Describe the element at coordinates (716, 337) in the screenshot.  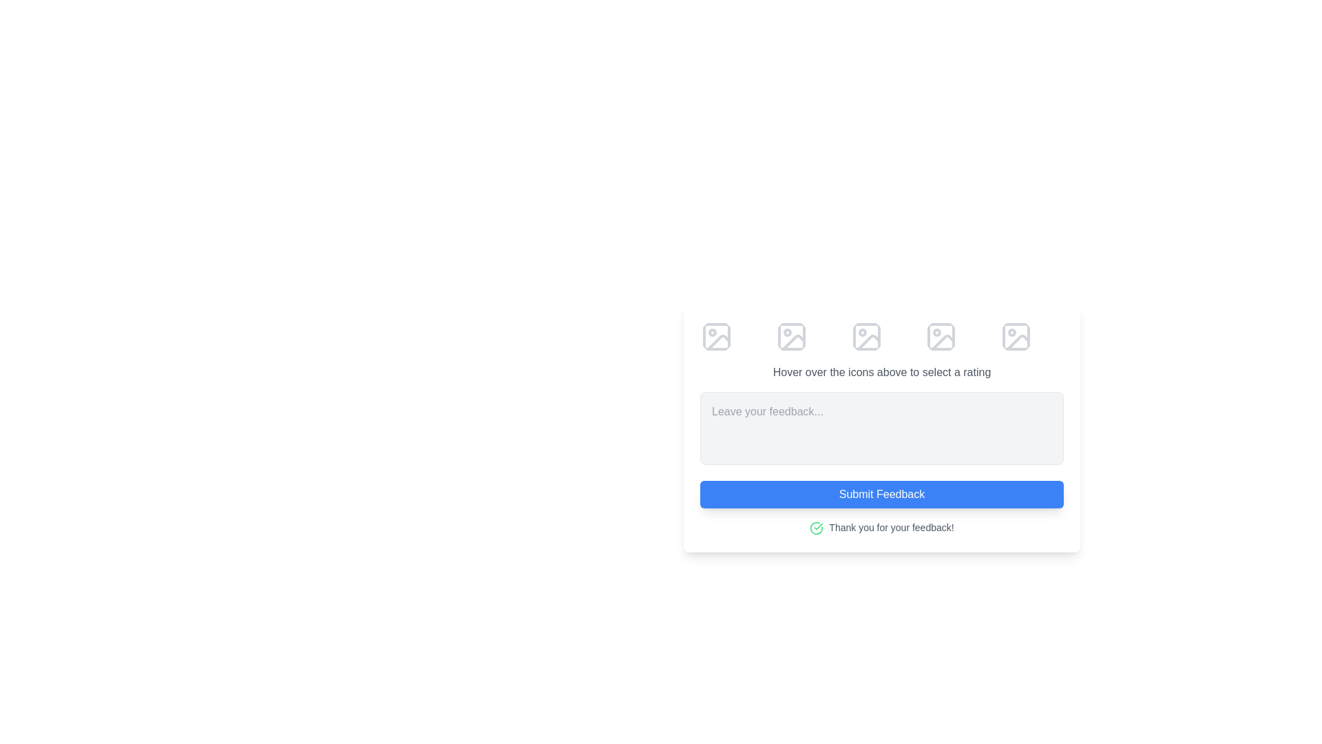
I see `the light-gray rectangular UI component with rounded edges, located inside the first image-related button at the top of the feedback form interface` at that location.